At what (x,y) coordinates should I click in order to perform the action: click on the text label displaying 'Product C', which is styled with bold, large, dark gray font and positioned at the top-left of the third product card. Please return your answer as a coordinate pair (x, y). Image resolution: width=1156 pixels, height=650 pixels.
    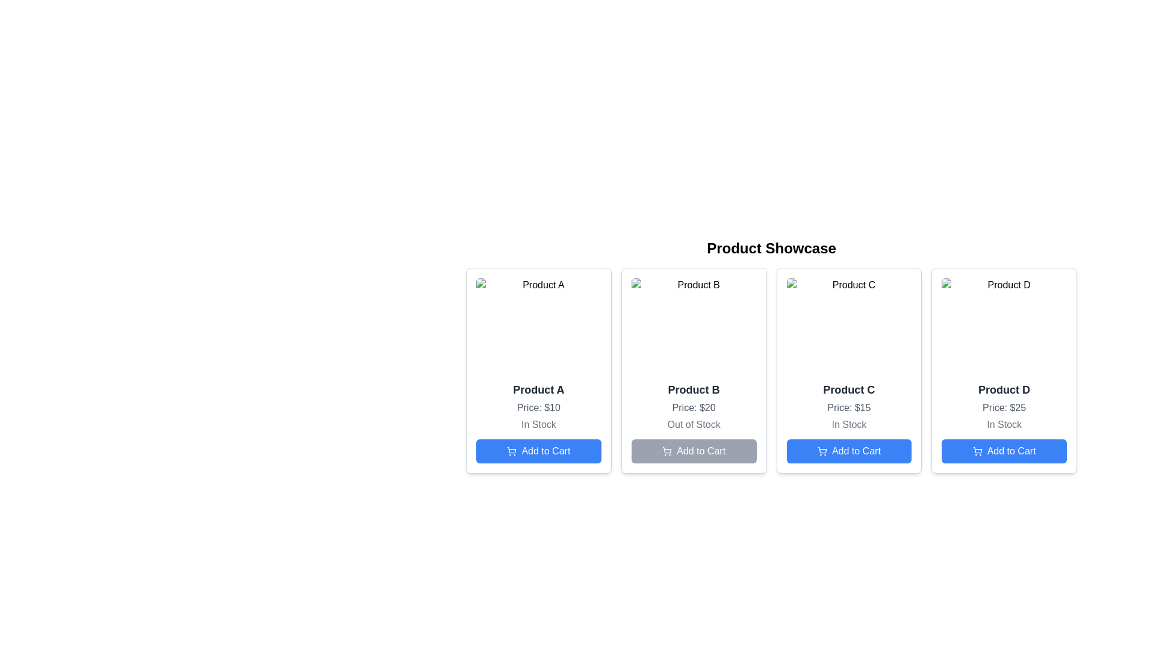
    Looking at the image, I should click on (848, 390).